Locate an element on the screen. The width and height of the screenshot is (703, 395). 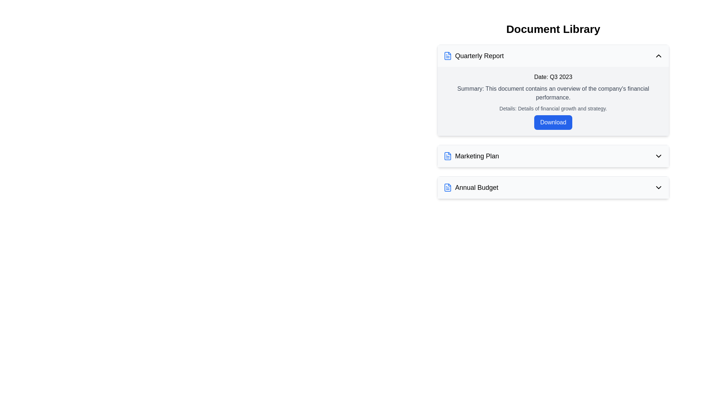
the 'Marketing Plan' element, which is a label with a blue document icon is located at coordinates (471, 156).